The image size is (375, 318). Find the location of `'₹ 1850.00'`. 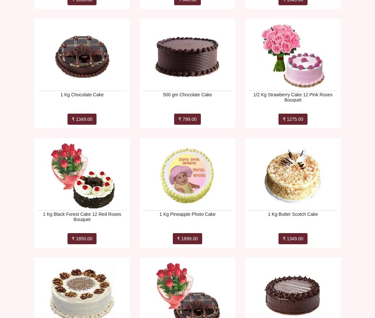

'₹ 1850.00' is located at coordinates (82, 238).